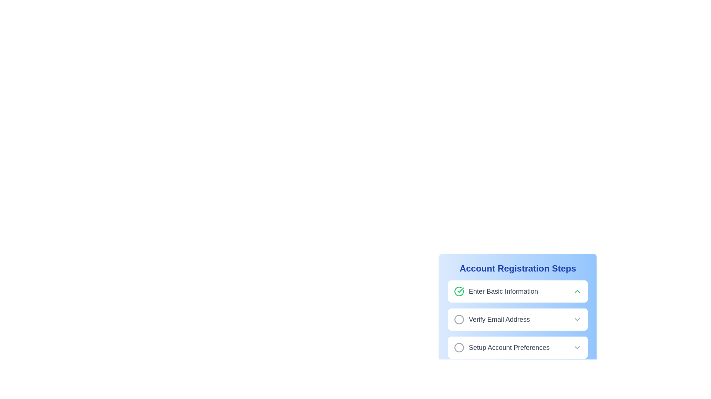  I want to click on information related to the 'Enter Basic Information' group component, which consists of a green checkmark icon followed by bold dark-gray text, so click(496, 291).